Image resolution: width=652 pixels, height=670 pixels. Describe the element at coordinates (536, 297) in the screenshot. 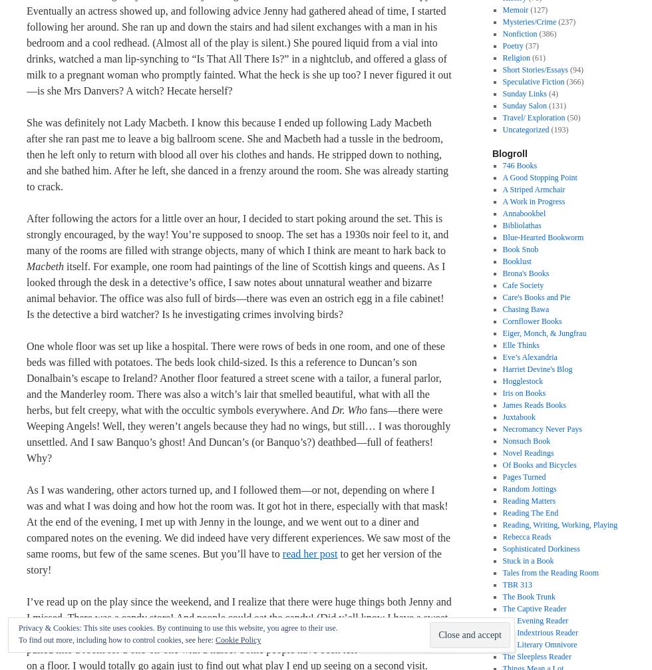

I see `'Care's Books and Pie'` at that location.